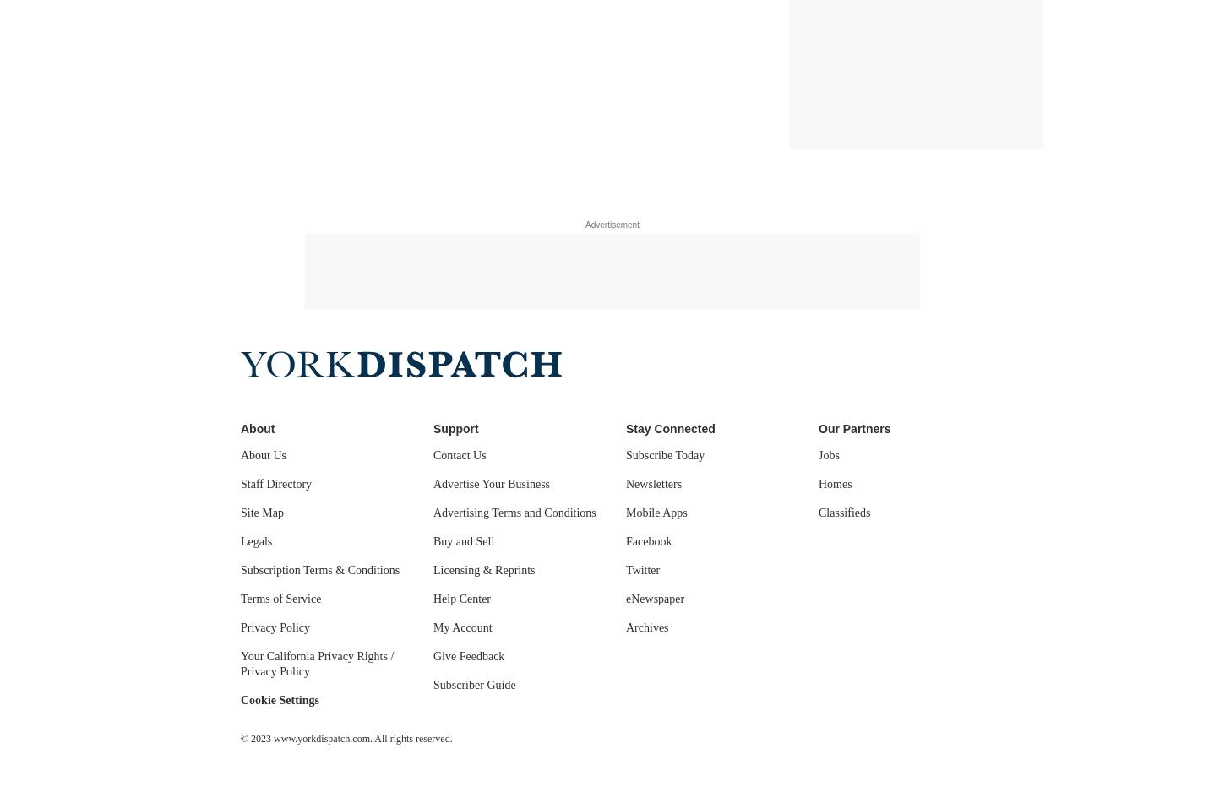 This screenshot has height=792, width=1225. What do you see at coordinates (654, 483) in the screenshot?
I see `'Newsletters'` at bounding box center [654, 483].